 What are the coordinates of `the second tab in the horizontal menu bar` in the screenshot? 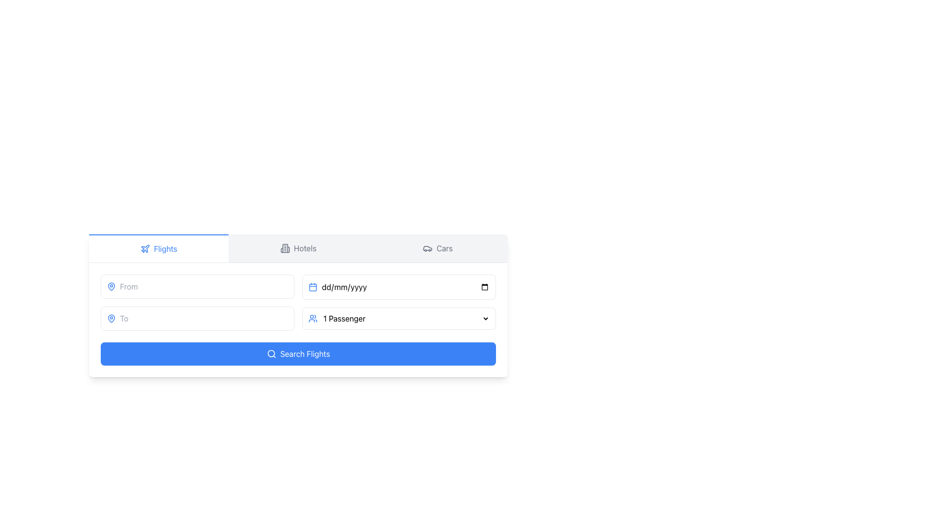 It's located at (297, 248).